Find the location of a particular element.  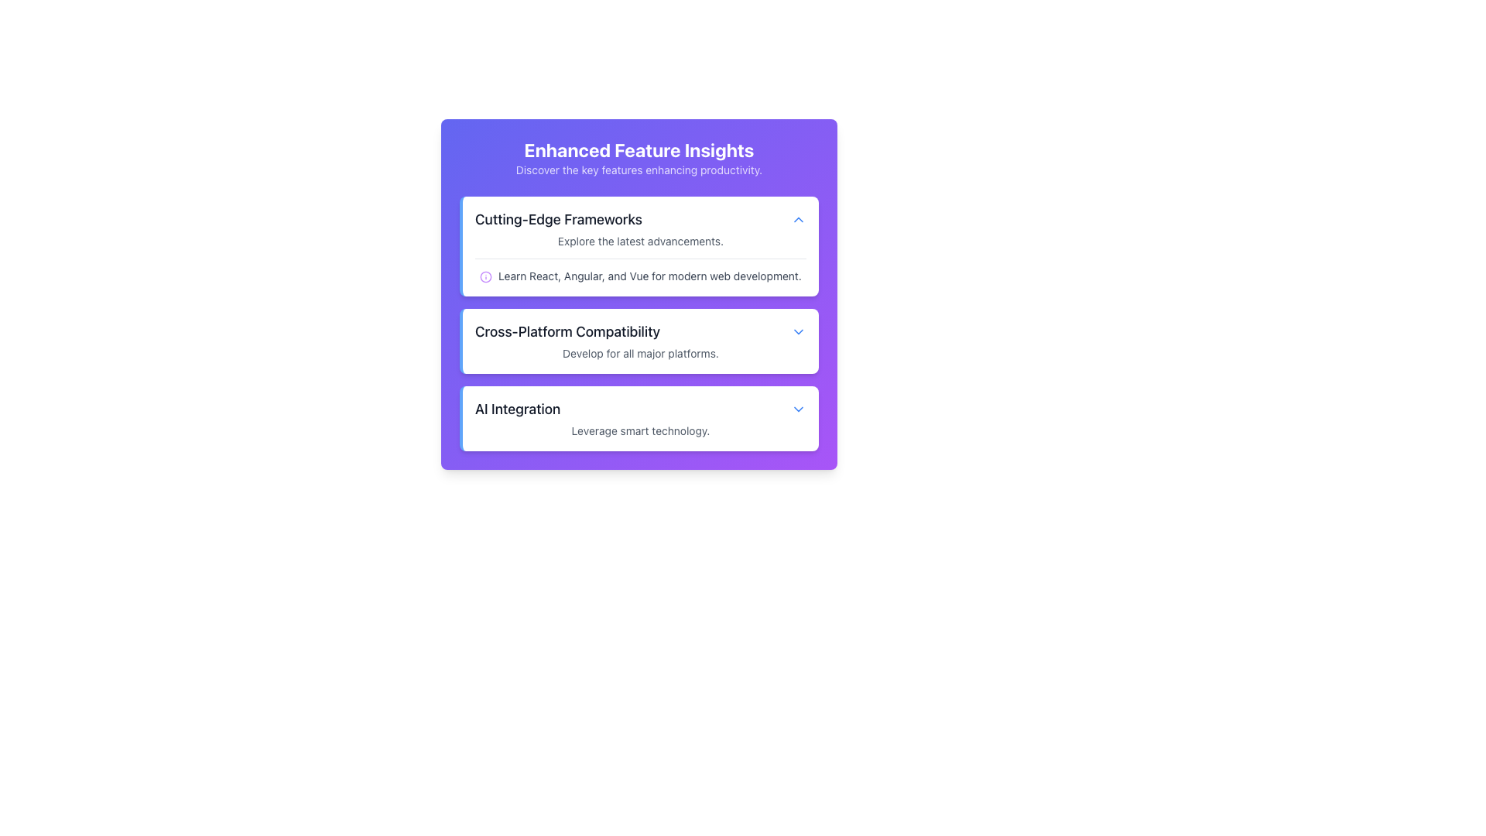

the text label displaying 'Cutting-Edge Frameworks', which serves as the title for the first section in the vertical list of features within the 'Enhanced Feature Insights' card is located at coordinates (557, 220).